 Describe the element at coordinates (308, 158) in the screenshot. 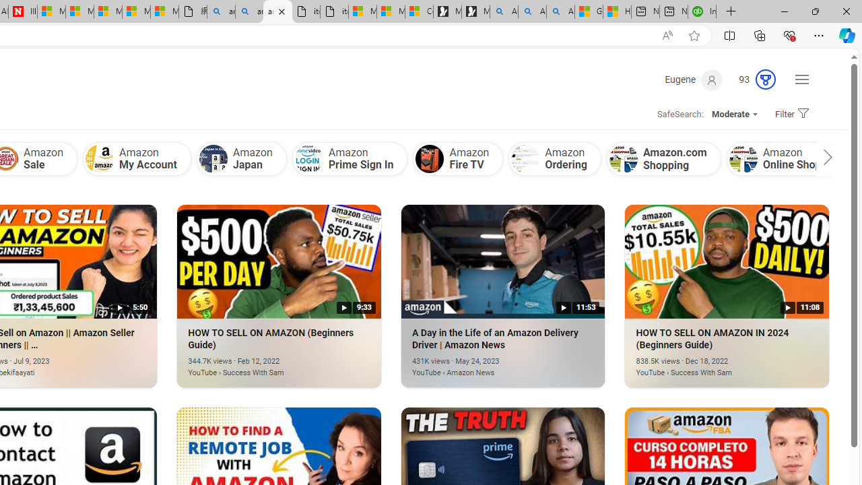

I see `'Amazon Prime Sign In'` at that location.